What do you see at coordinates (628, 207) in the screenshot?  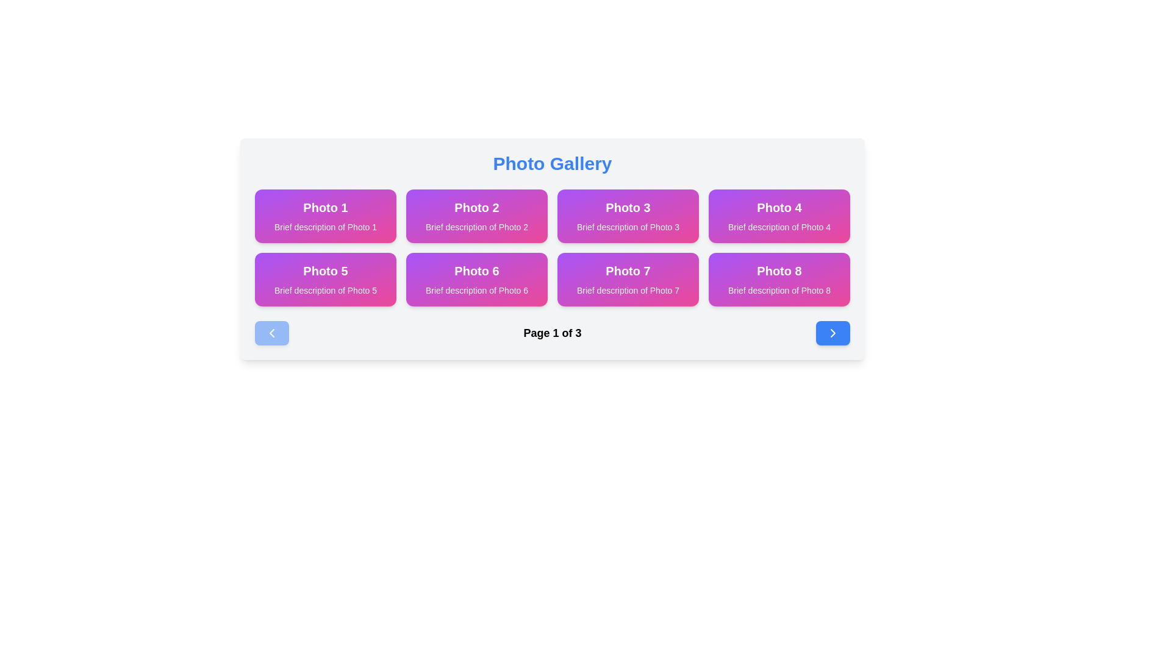 I see `the text label 'Photo 3' displayed in bold and large font style, which is part of the grid layout and centered within its card` at bounding box center [628, 207].